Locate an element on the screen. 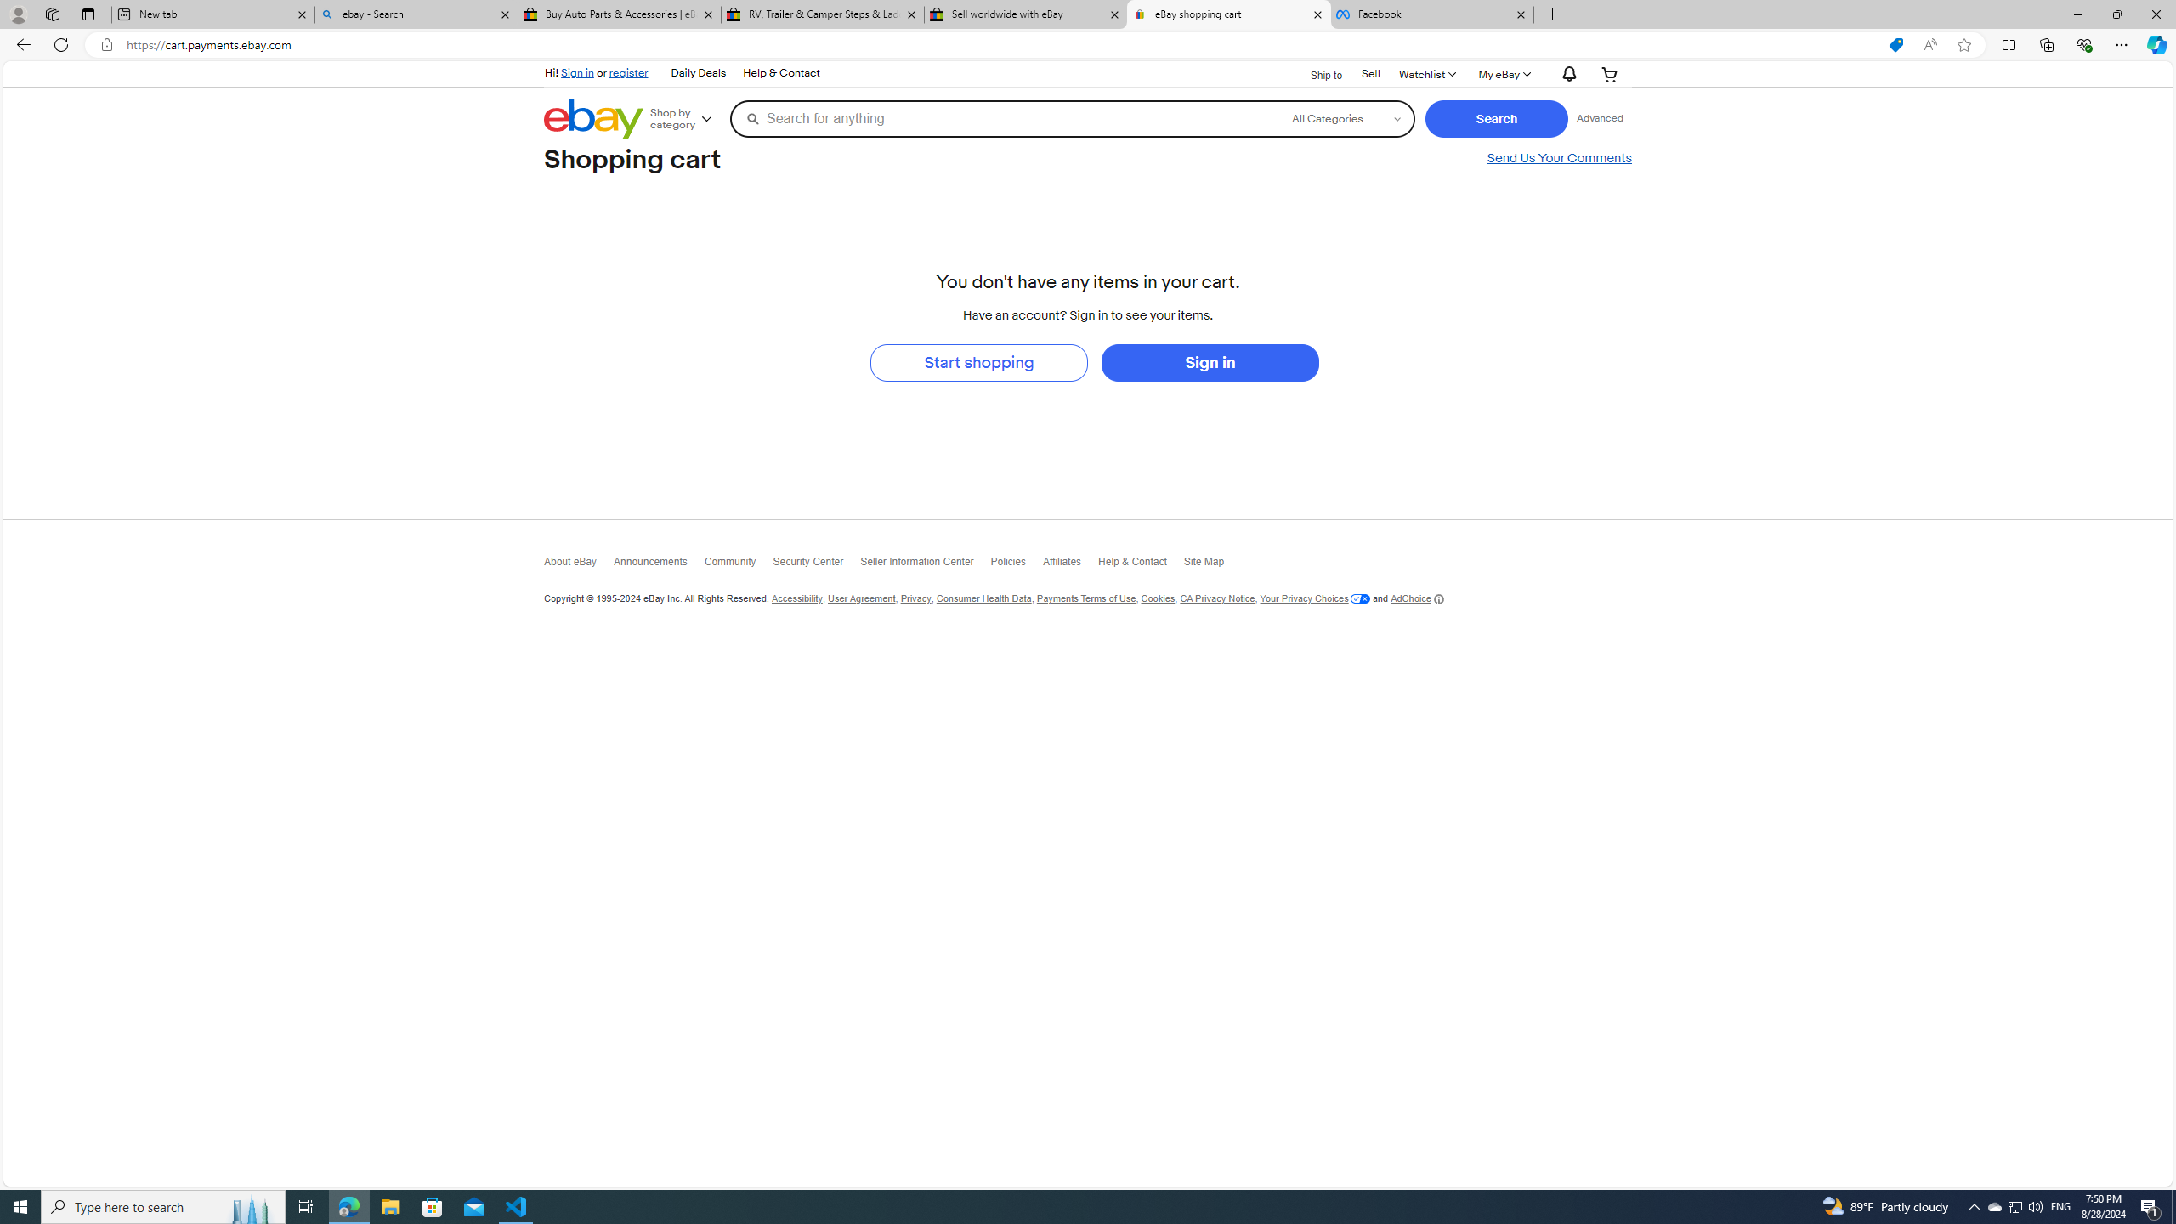  'AdChoice' is located at coordinates (1417, 598).